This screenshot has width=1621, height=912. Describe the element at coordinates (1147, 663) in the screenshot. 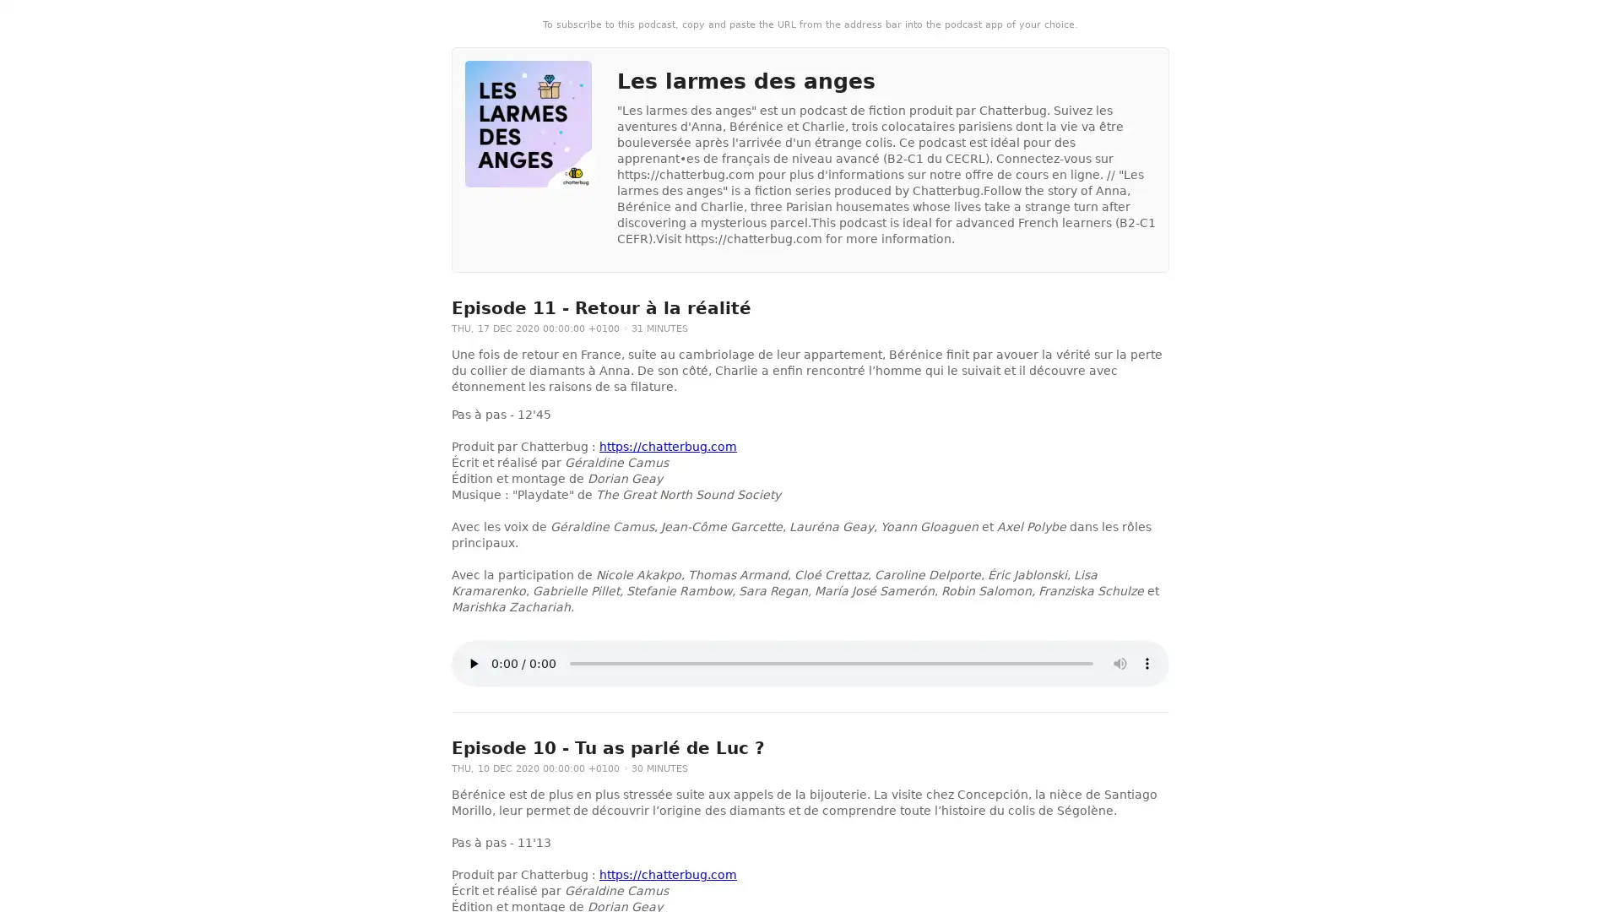

I see `show more media controls` at that location.